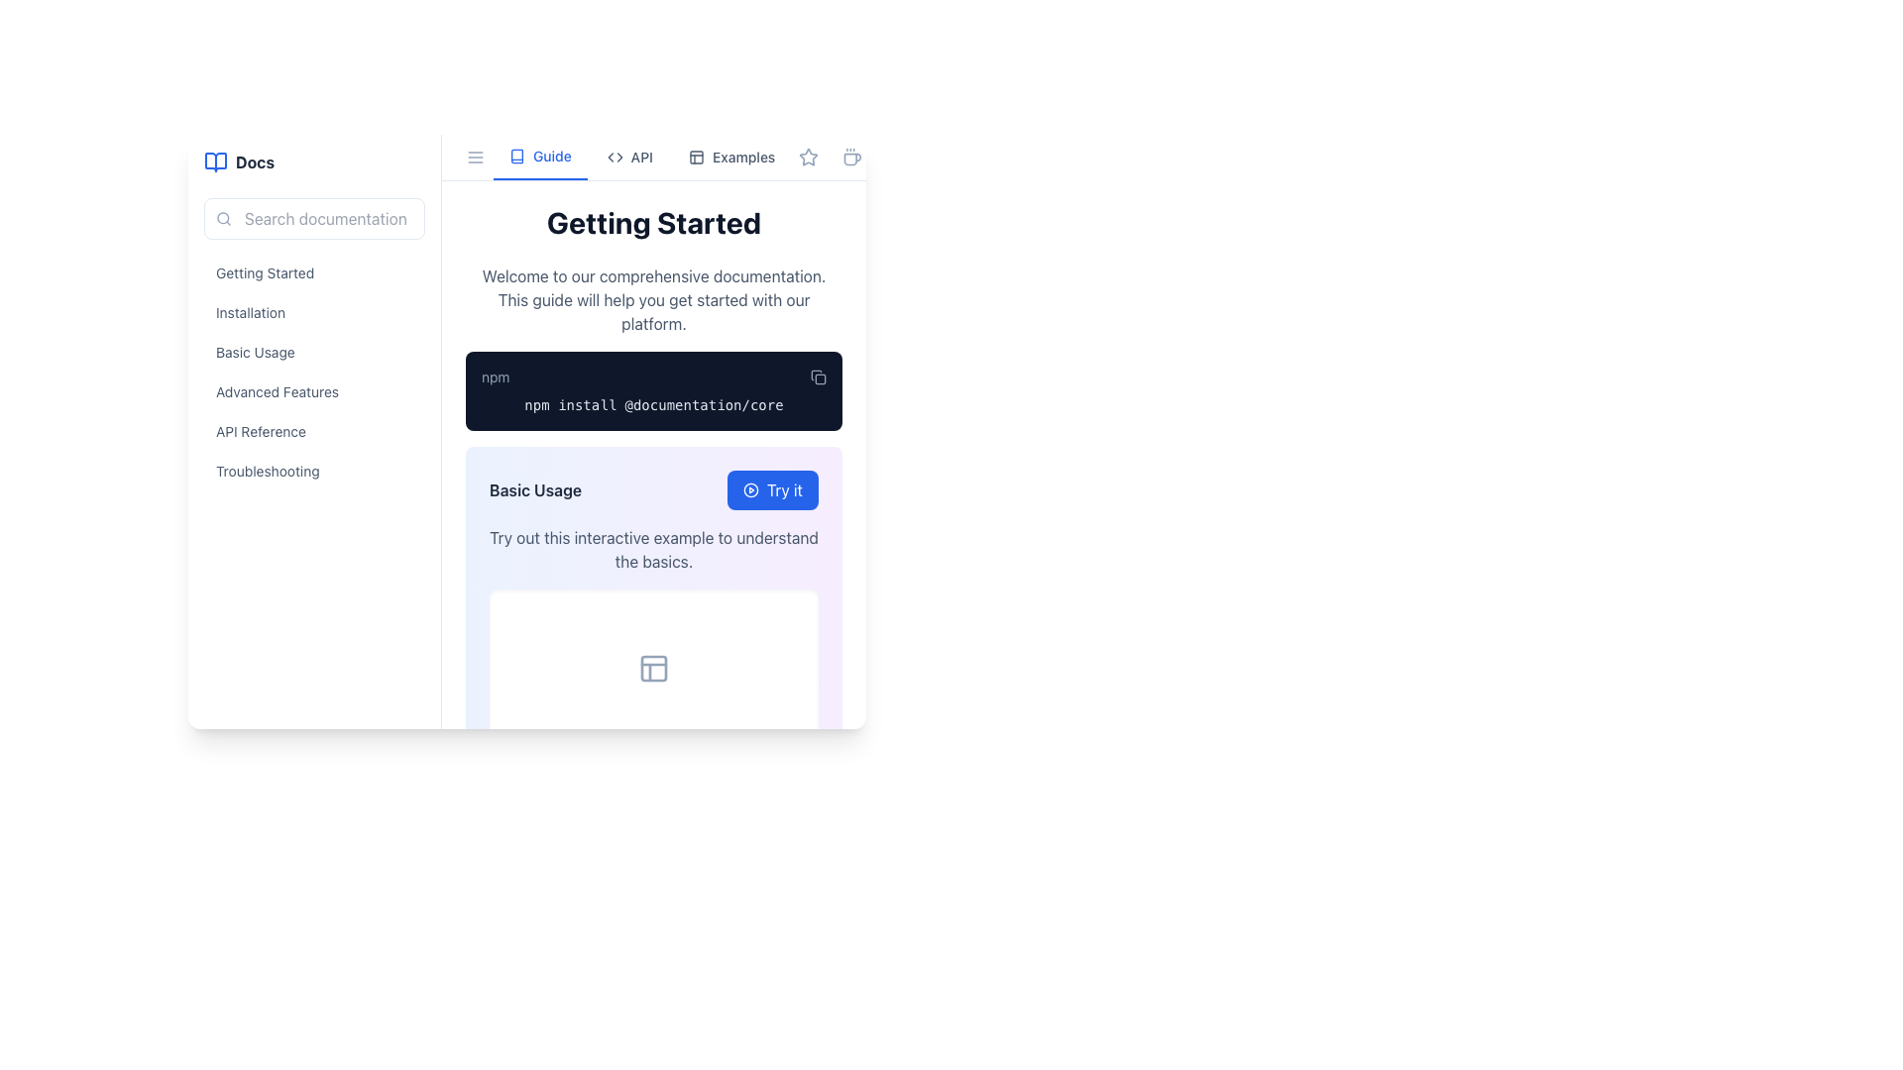 Image resolution: width=1903 pixels, height=1070 pixels. I want to click on the 'Basic Usage' menu entry in the vertical navigation menu, so click(313, 351).